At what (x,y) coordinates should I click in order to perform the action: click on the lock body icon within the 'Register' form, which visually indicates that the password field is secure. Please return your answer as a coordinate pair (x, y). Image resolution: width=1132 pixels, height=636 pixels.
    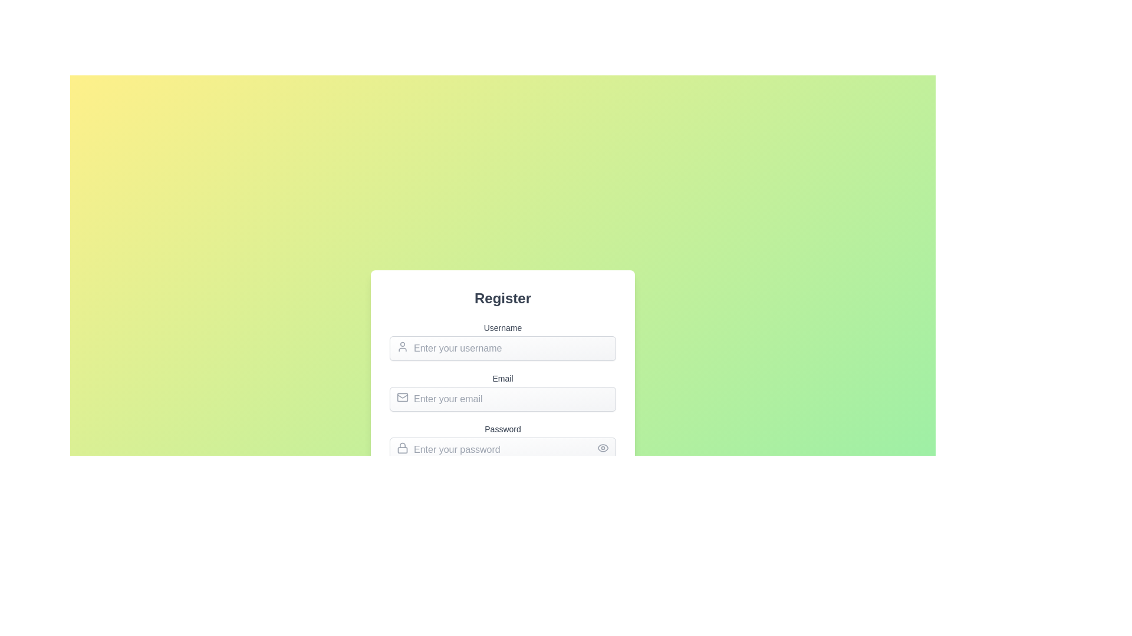
    Looking at the image, I should click on (402, 449).